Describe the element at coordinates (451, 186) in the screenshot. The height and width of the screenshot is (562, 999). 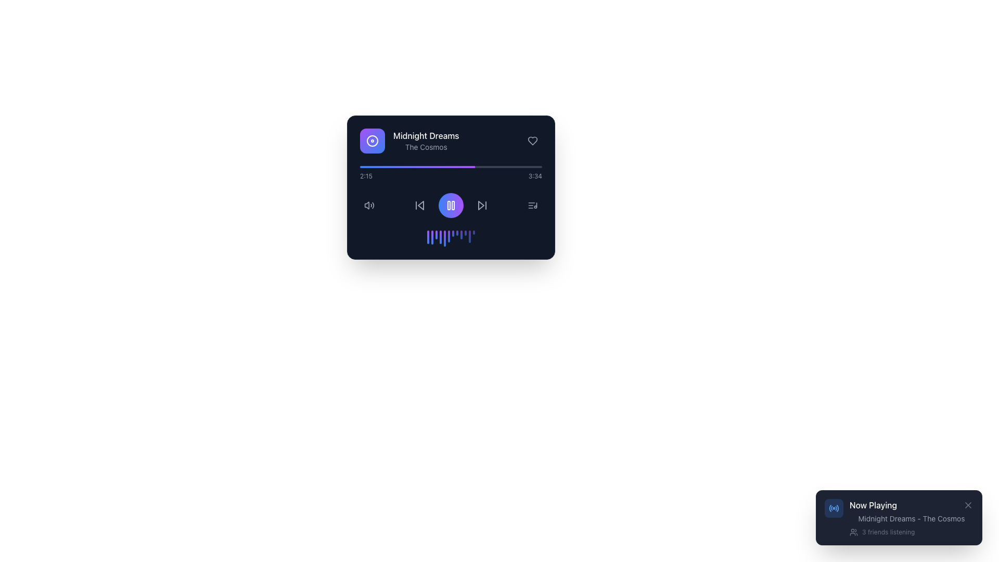
I see `the music player widget located centrally in the layout to control playback` at that location.